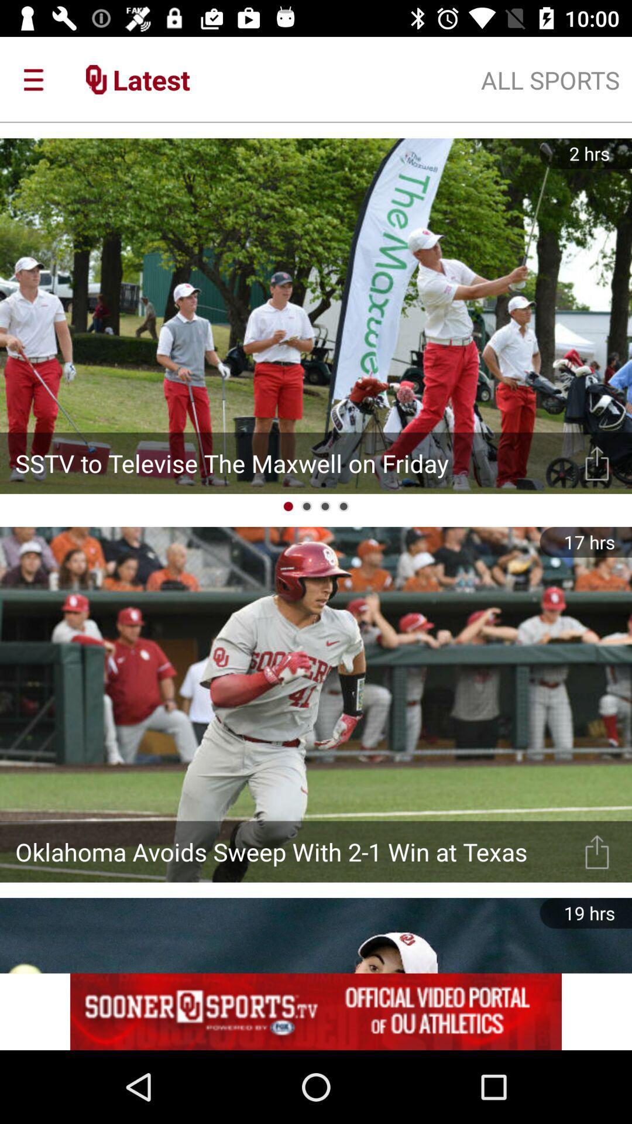 Image resolution: width=632 pixels, height=1124 pixels. Describe the element at coordinates (597, 462) in the screenshot. I see `share the article` at that location.